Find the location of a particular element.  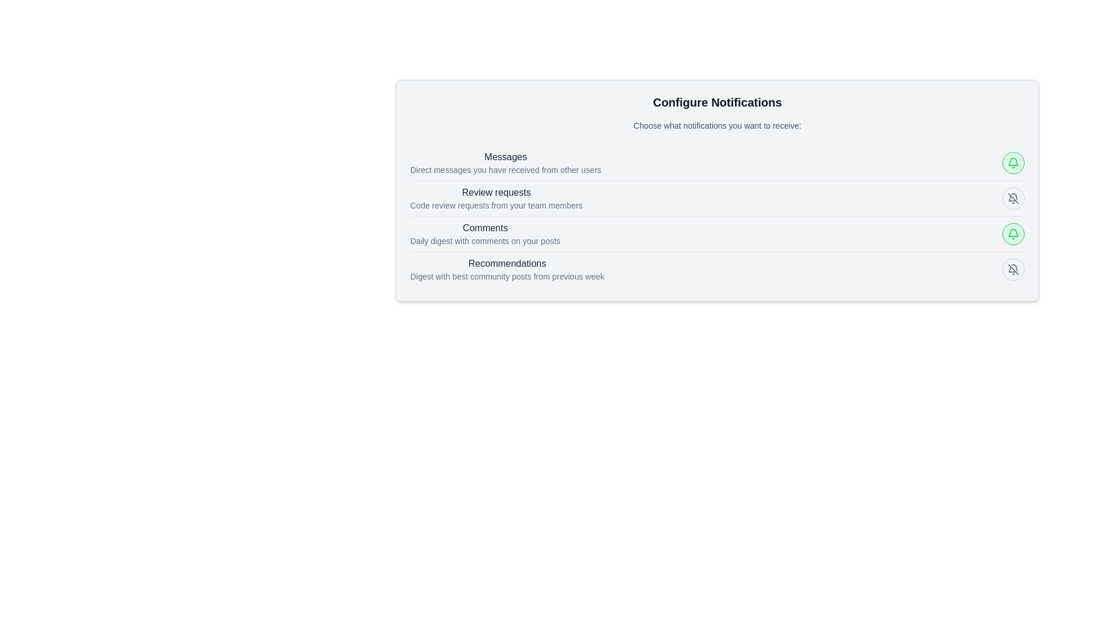

the interactive notification toggle for code review requests to change its notification state is located at coordinates (716, 197).